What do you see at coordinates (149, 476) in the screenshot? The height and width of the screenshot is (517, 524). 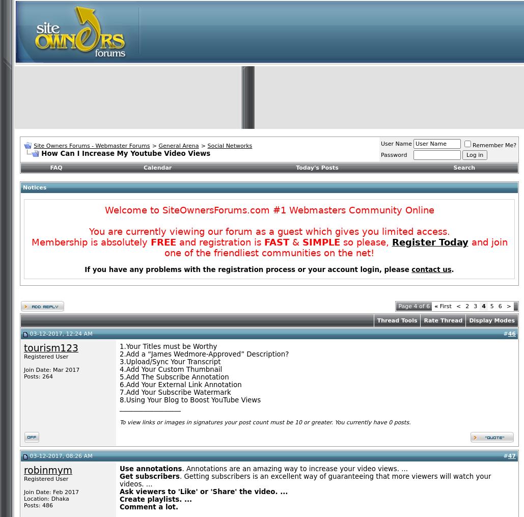 I see `'Get subscribers'` at bounding box center [149, 476].